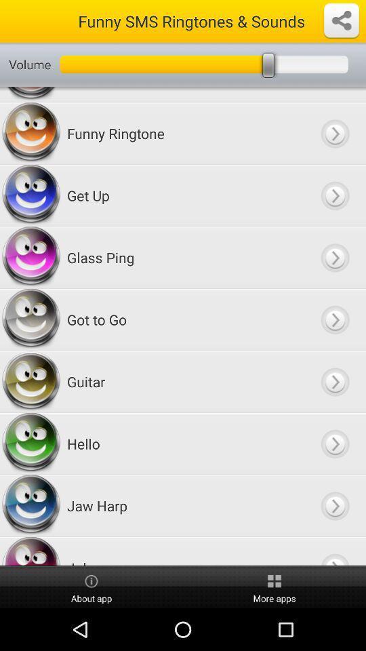 The width and height of the screenshot is (366, 651). Describe the element at coordinates (334, 551) in the screenshot. I see `next page` at that location.